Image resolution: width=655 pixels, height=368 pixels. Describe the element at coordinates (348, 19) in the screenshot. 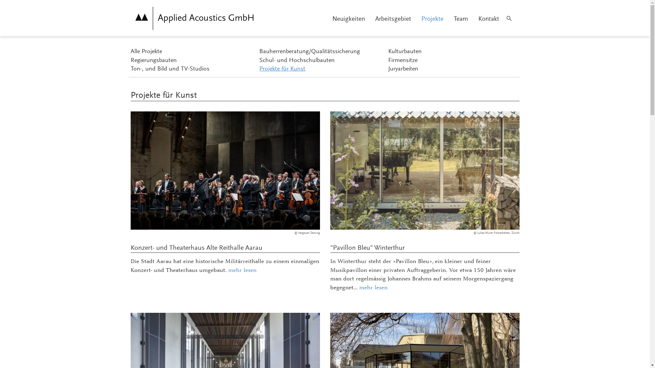

I see `'Neuigkeiten'` at that location.